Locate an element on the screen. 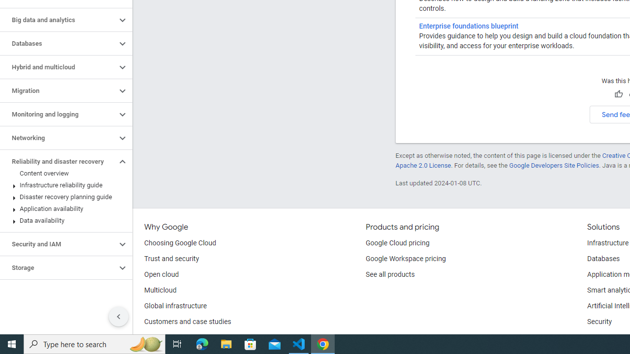 This screenshot has height=354, width=630. 'Security and IAM' is located at coordinates (58, 244).